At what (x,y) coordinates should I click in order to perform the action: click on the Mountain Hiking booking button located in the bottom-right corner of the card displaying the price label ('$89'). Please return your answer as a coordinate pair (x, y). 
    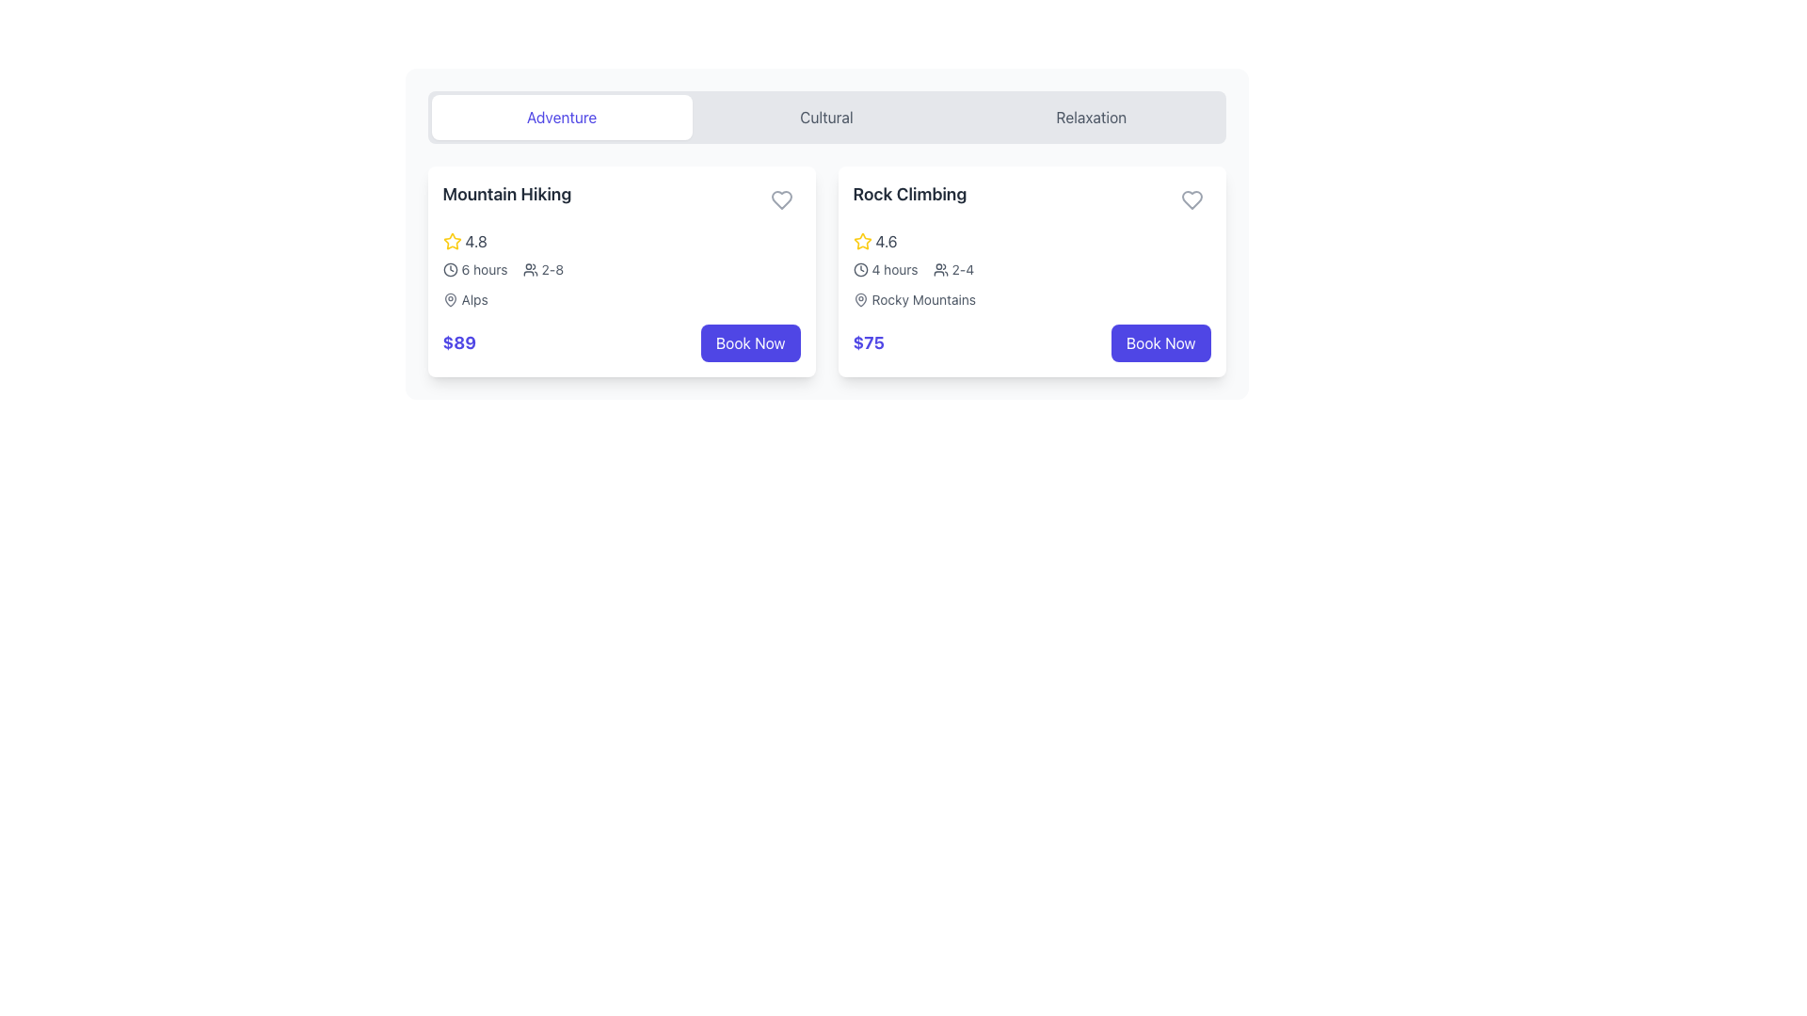
    Looking at the image, I should click on (749, 343).